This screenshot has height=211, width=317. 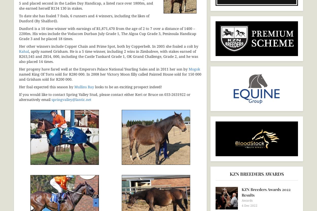 What do you see at coordinates (94, 86) in the screenshot?
I see `'looks to be an exciting prospect indeed!'` at bounding box center [94, 86].